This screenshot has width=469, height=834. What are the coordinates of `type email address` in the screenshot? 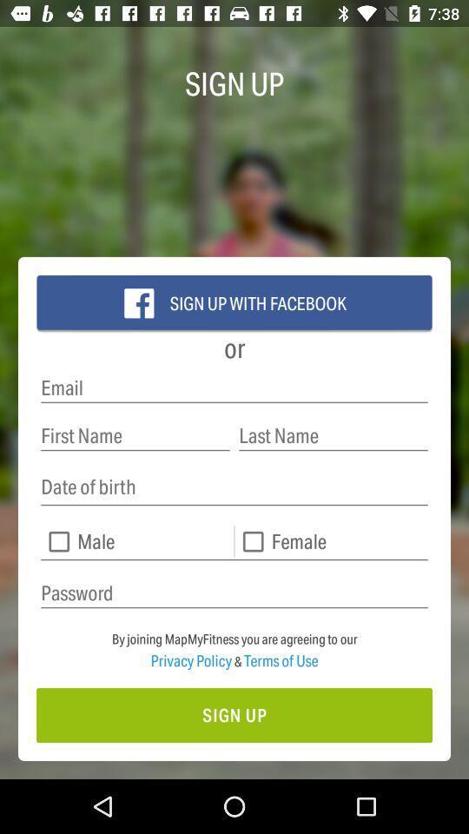 It's located at (234, 387).